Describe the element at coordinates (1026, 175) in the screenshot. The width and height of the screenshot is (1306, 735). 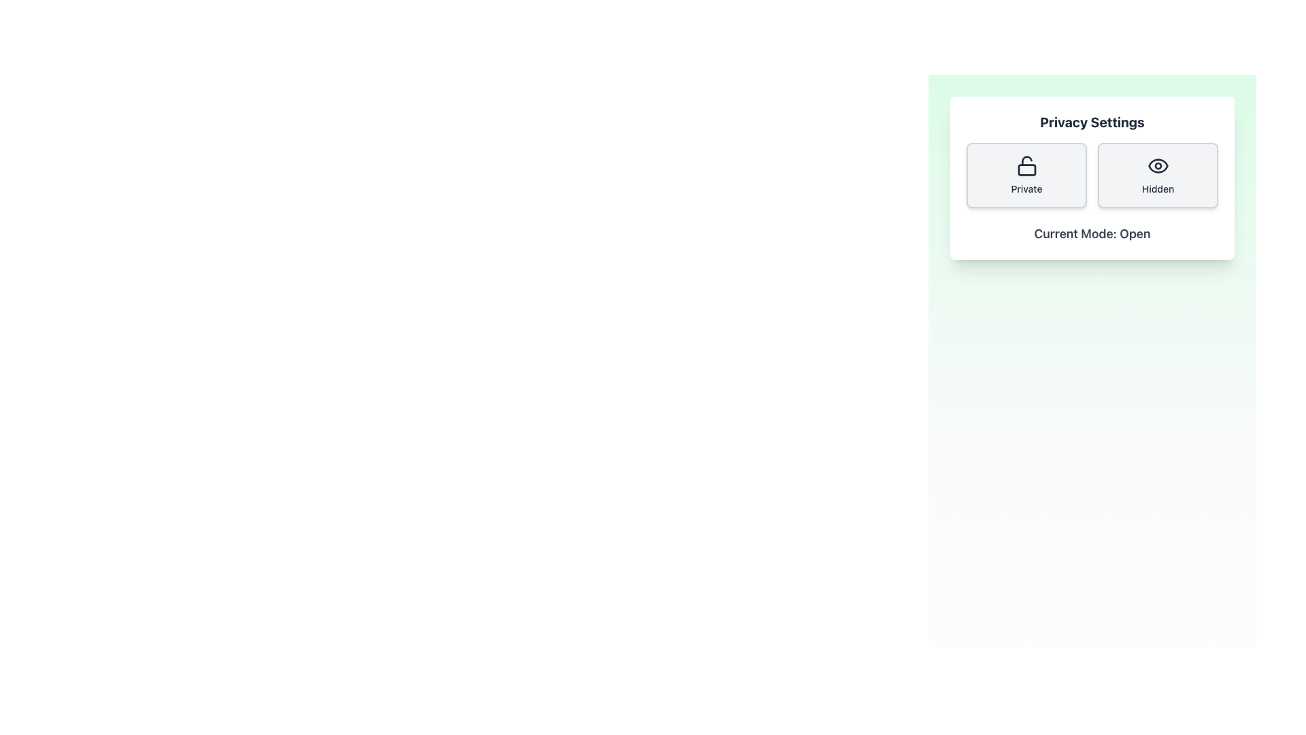
I see `the 'Private' mode toggle button located in the 'Privacy Settings' block` at that location.